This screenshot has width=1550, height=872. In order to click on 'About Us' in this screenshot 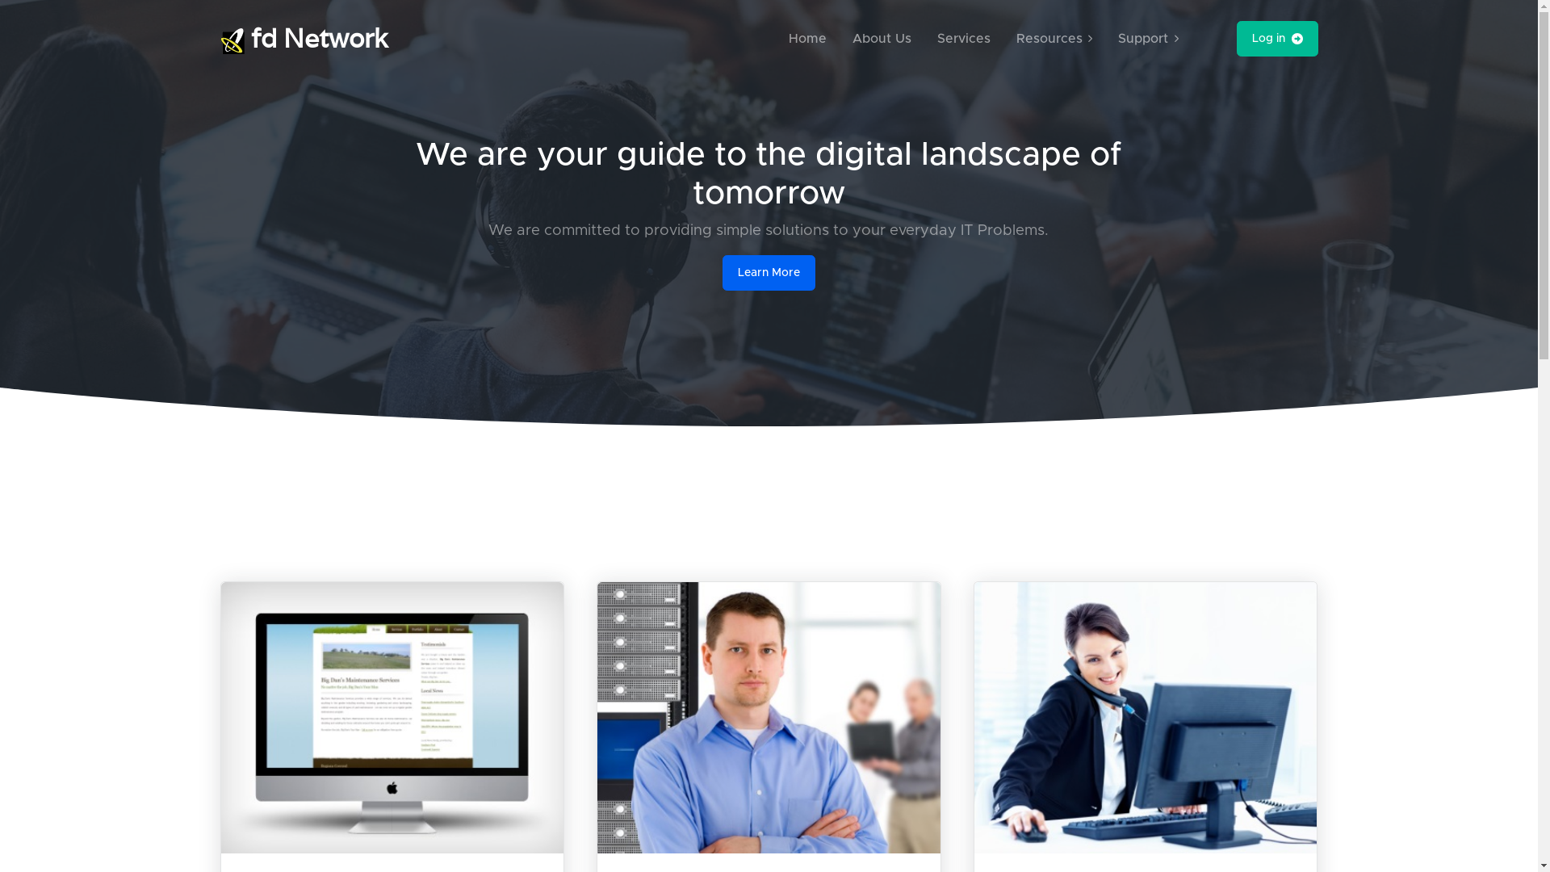, I will do `click(881, 37)`.